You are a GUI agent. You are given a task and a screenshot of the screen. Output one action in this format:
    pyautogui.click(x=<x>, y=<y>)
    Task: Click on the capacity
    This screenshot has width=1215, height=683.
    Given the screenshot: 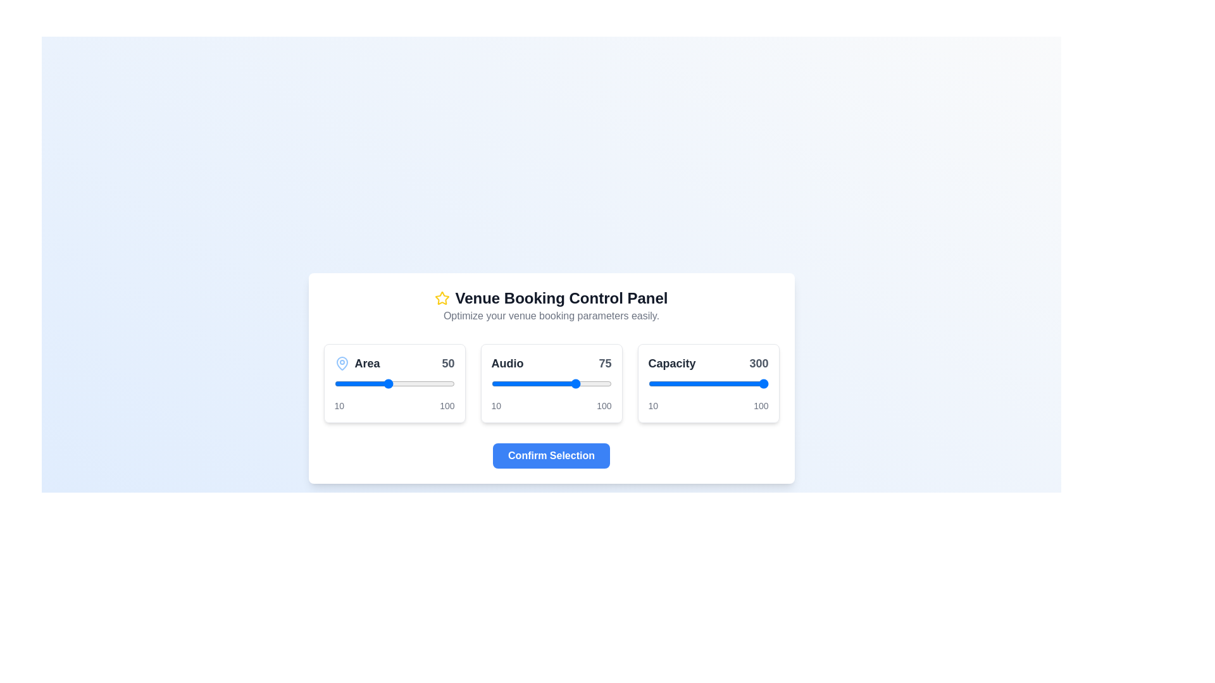 What is the action you would take?
    pyautogui.click(x=721, y=383)
    